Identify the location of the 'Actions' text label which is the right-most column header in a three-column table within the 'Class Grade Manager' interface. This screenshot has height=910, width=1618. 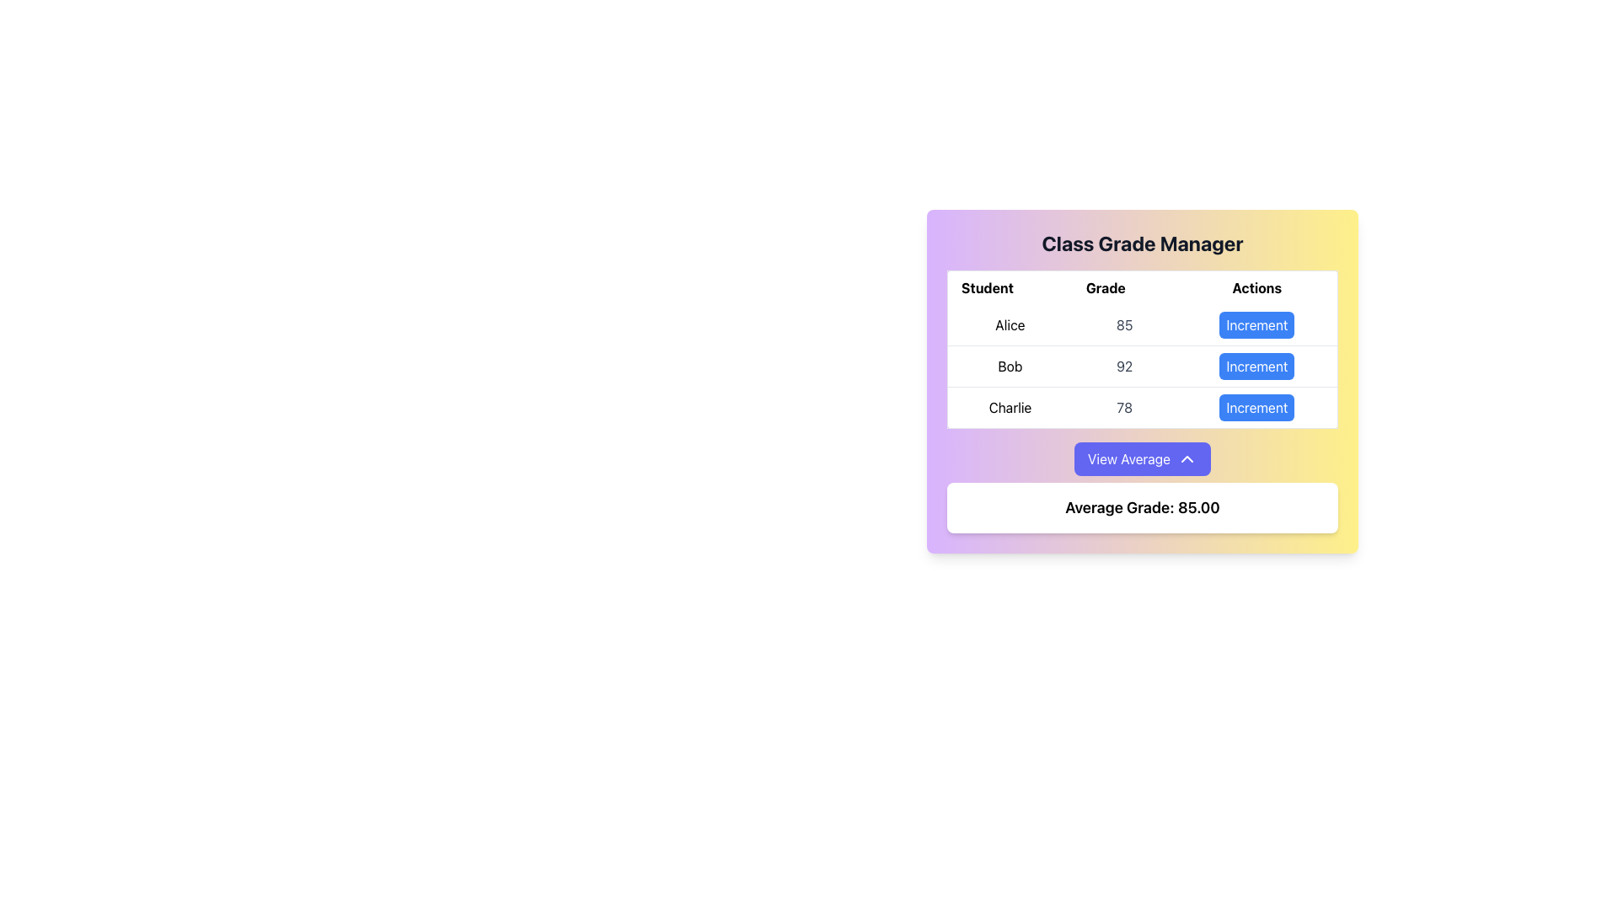
(1257, 286).